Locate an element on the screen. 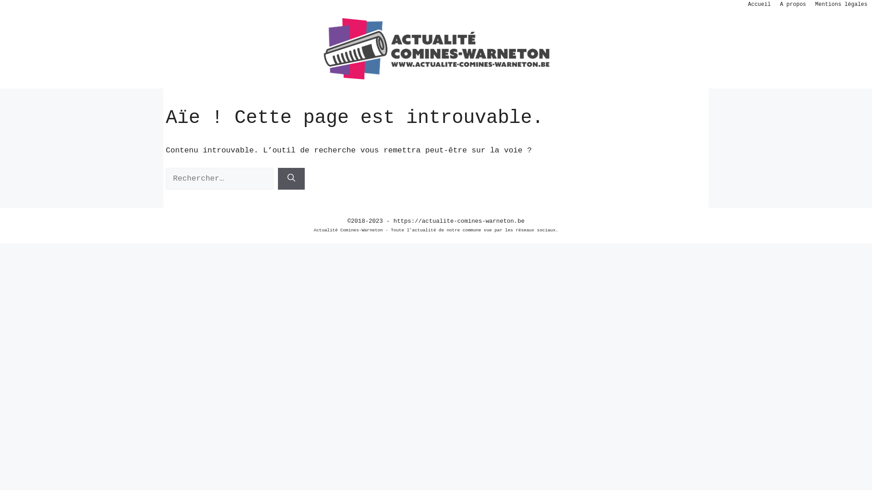 The image size is (872, 490). 'Accueil' is located at coordinates (759, 5).